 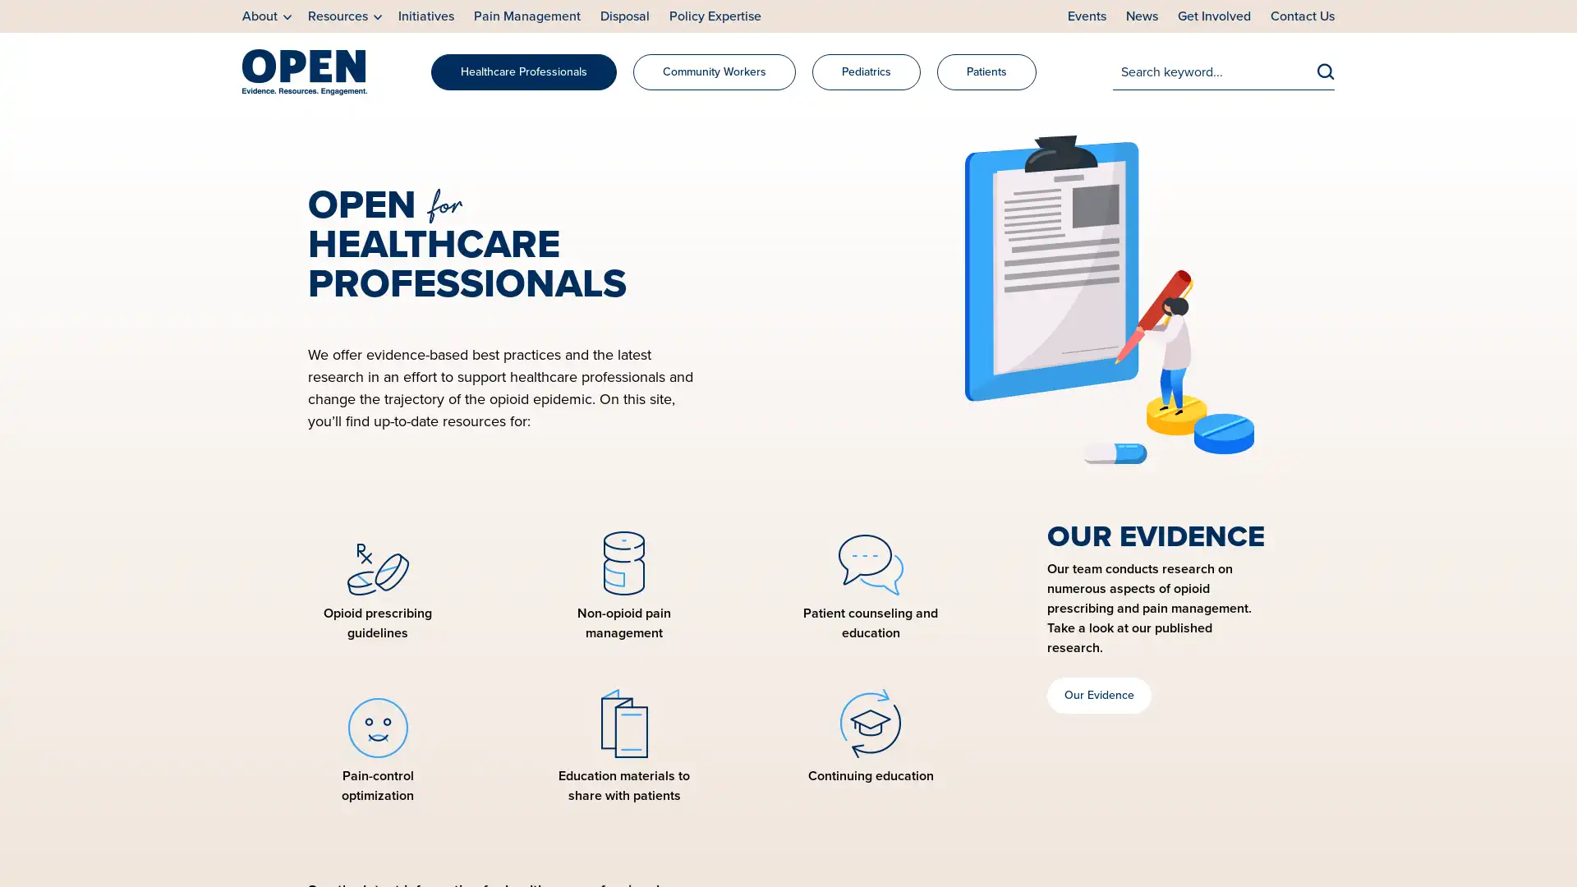 I want to click on SEARCH, so click(x=1326, y=70).